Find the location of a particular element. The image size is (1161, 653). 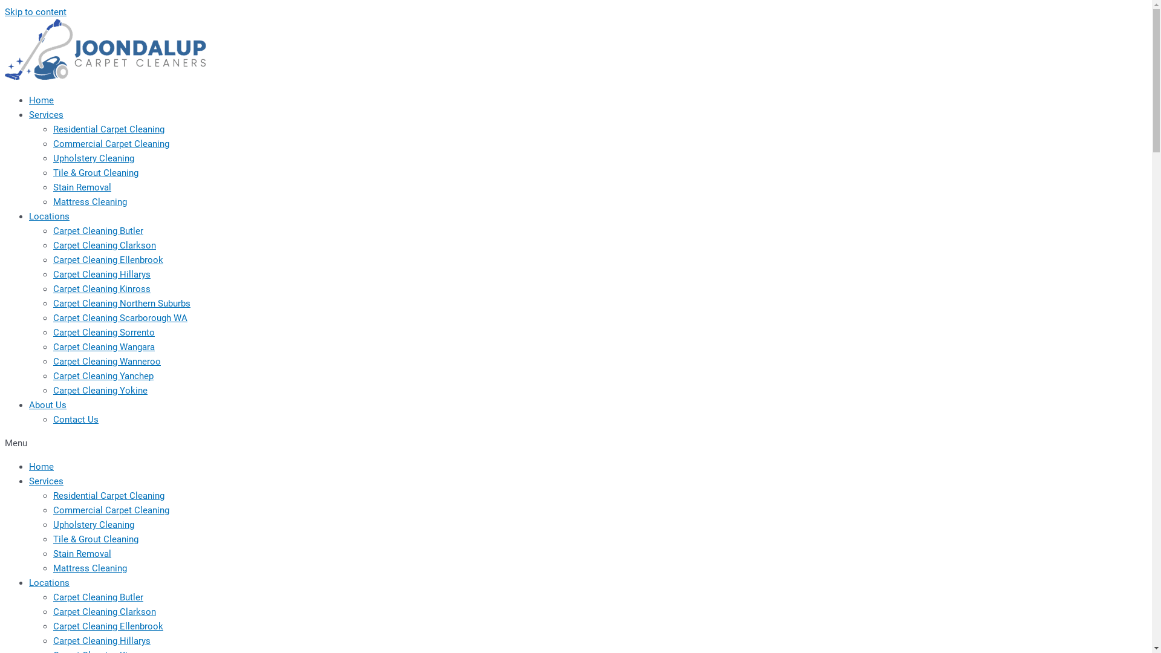

'Carpet Cleaning Ellenbrook' is located at coordinates (108, 626).